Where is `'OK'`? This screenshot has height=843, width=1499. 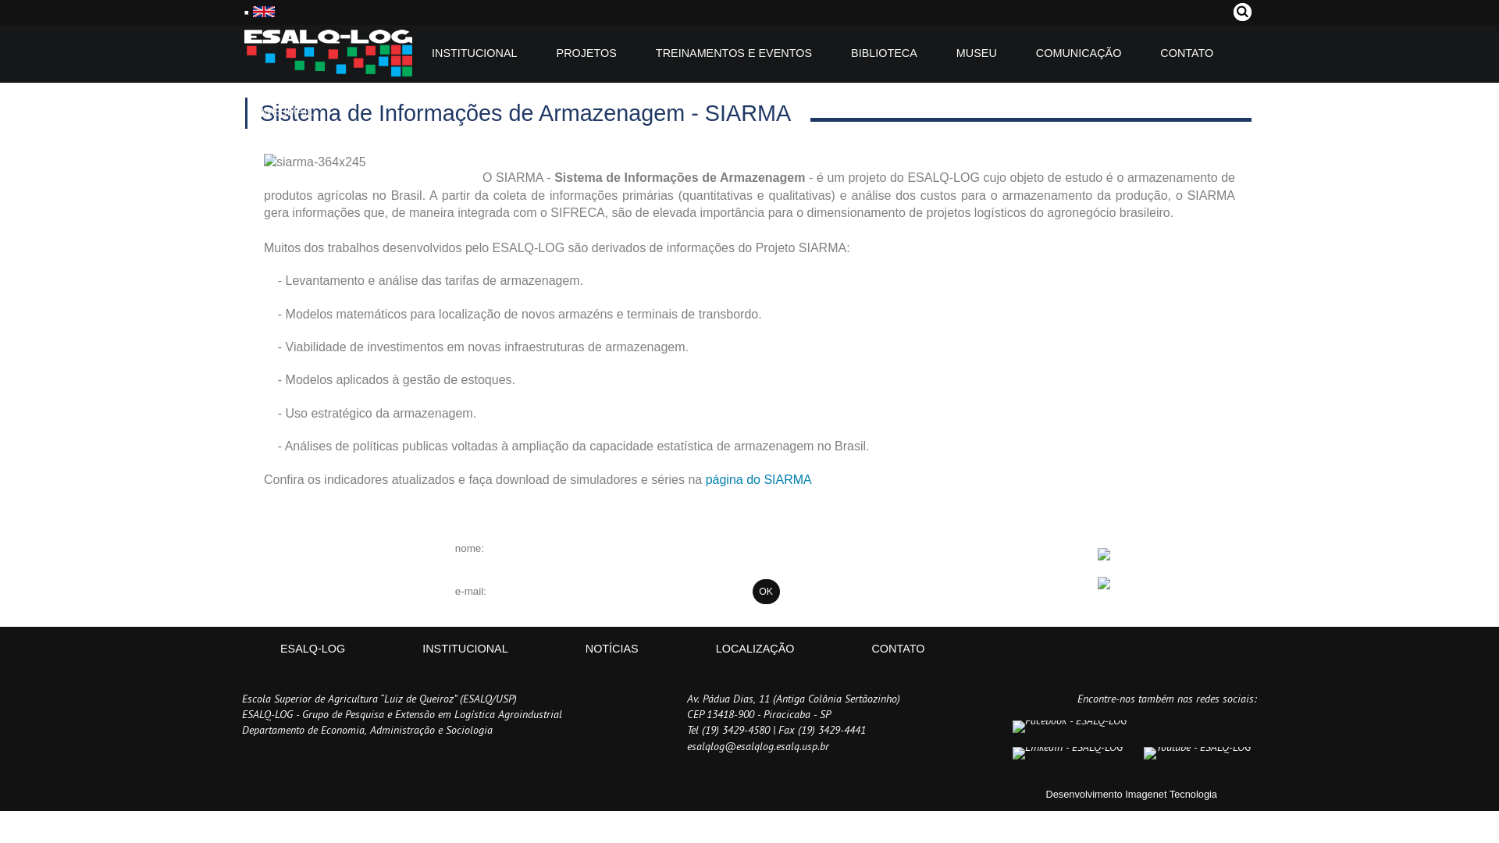
'OK' is located at coordinates (766, 592).